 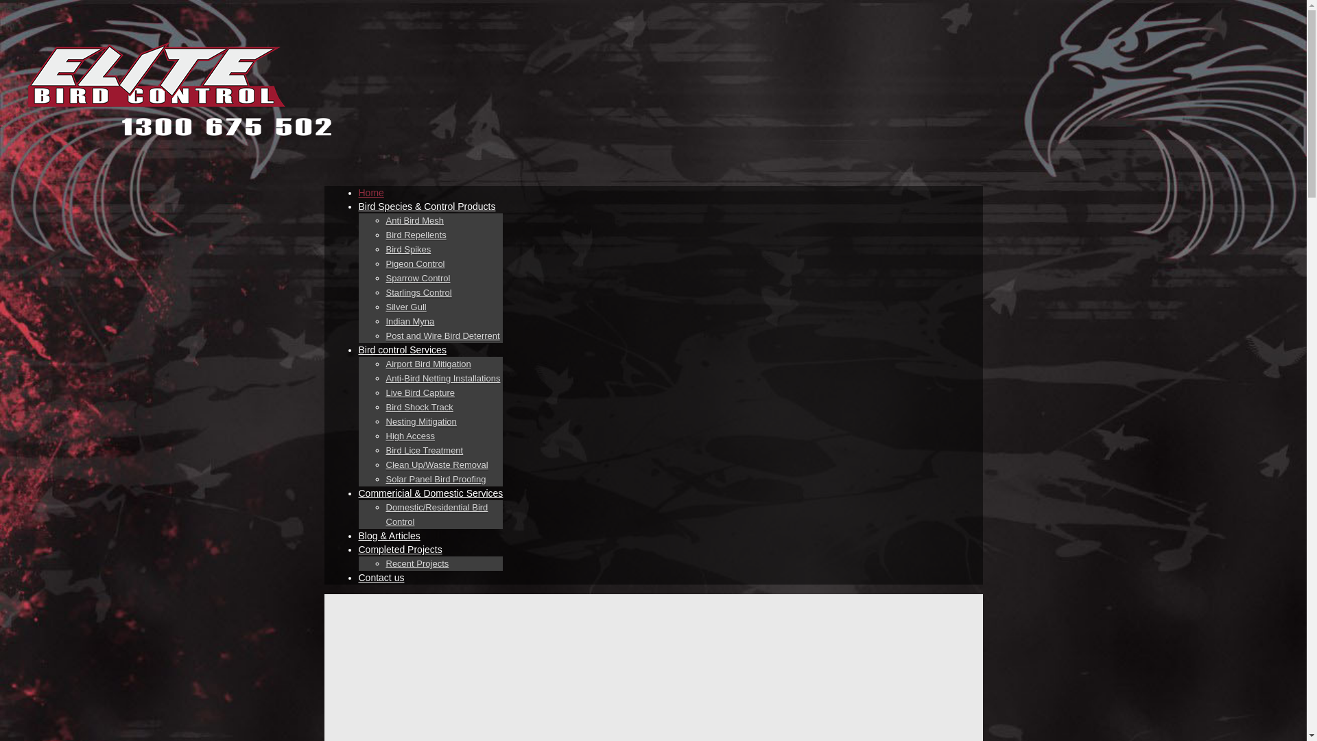 I want to click on 'Anti-Bird Netting Installations', so click(x=442, y=378).